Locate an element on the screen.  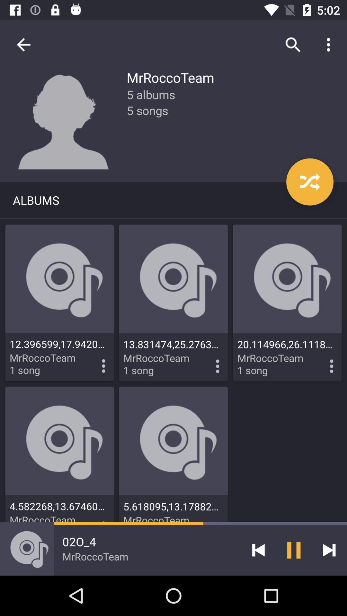
the skip_next icon is located at coordinates (329, 550).